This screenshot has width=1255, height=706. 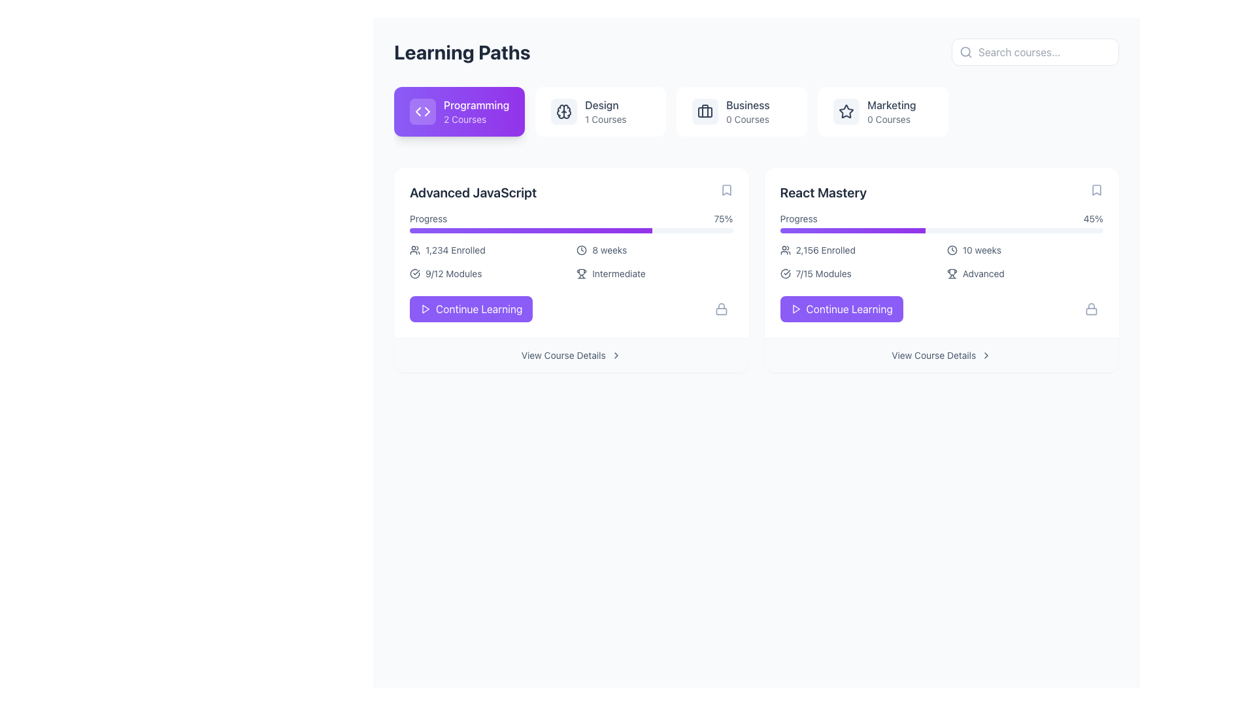 What do you see at coordinates (784, 250) in the screenshot?
I see `the small icon resembling a group of people, which is styled in a black outline and located next to the text '2,156 Enrolled' in the 'React Mastery' course section` at bounding box center [784, 250].